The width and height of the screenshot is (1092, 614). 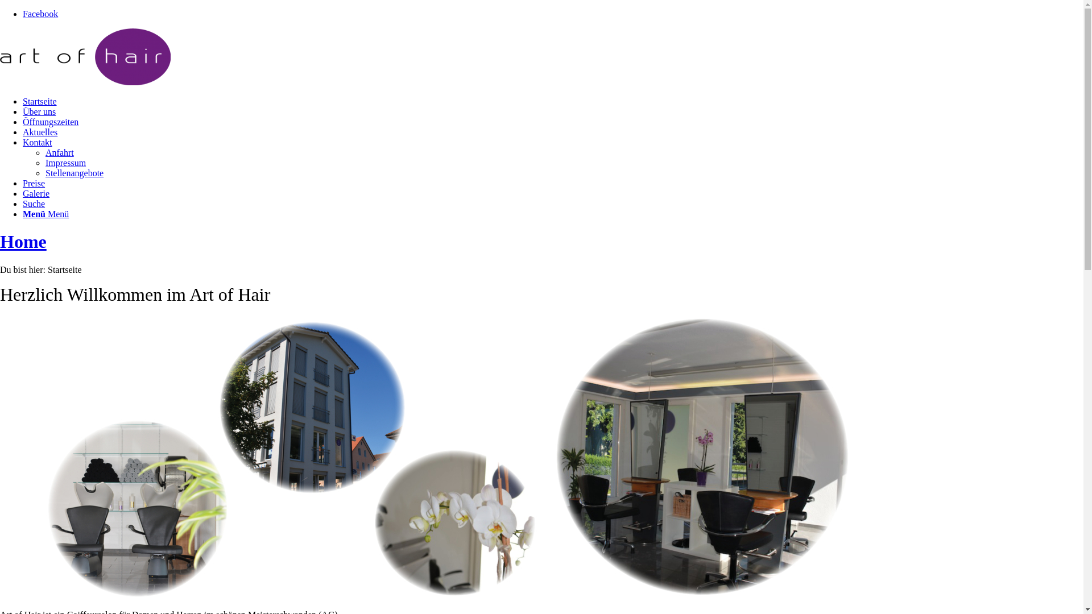 What do you see at coordinates (40, 101) in the screenshot?
I see `'Startseite'` at bounding box center [40, 101].